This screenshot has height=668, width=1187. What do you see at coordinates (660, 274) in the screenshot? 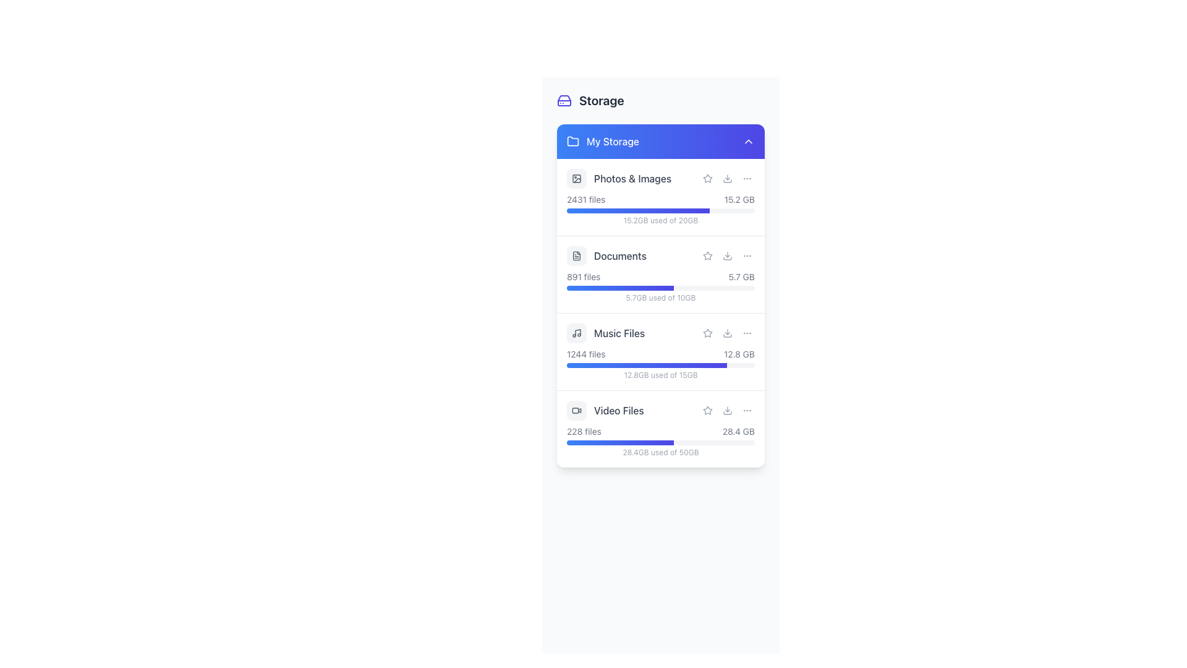
I see `the informational card in the 'My Storage' section that displays storage usage for documents` at bounding box center [660, 274].